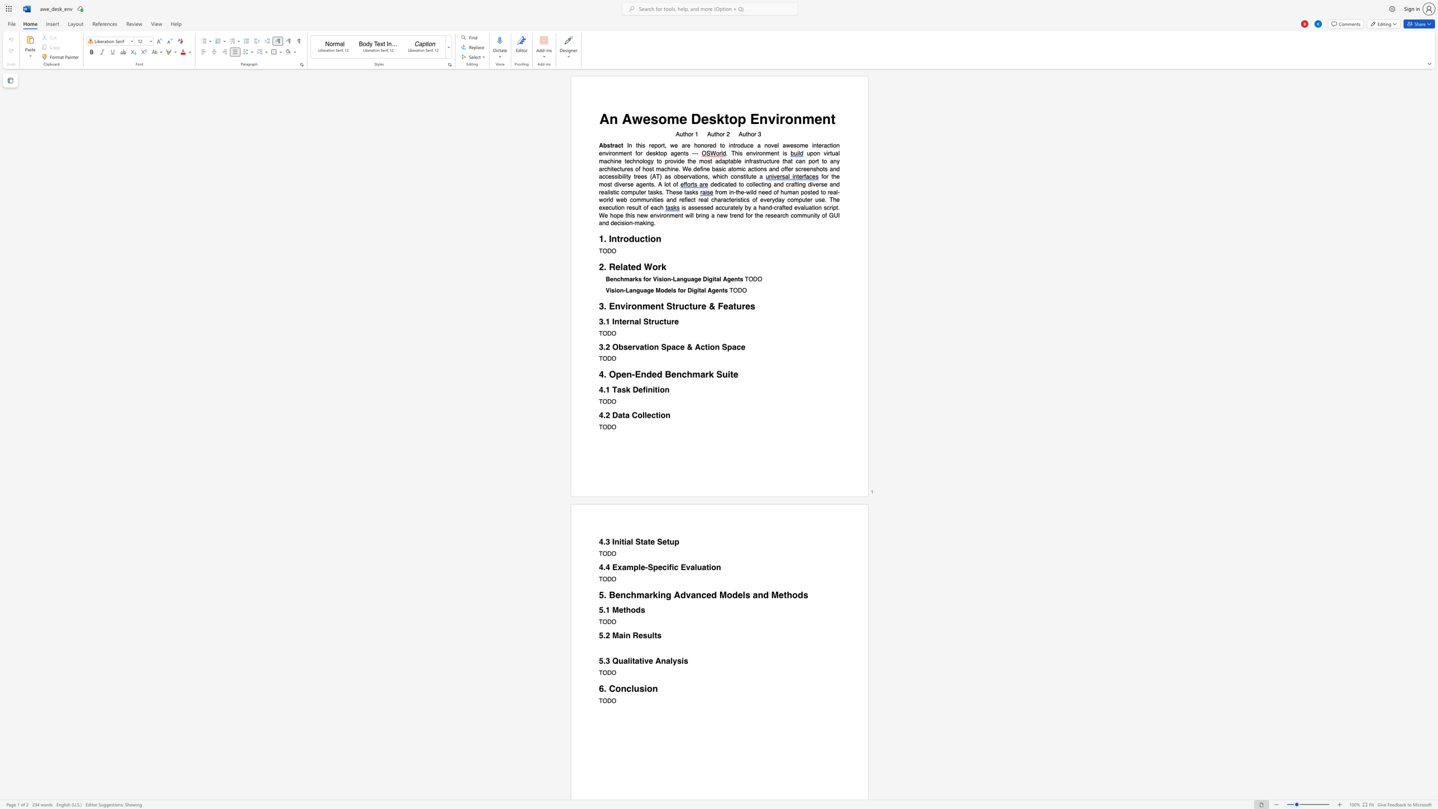 Image resolution: width=1438 pixels, height=809 pixels. I want to click on the 2th character "e" in the text, so click(651, 216).